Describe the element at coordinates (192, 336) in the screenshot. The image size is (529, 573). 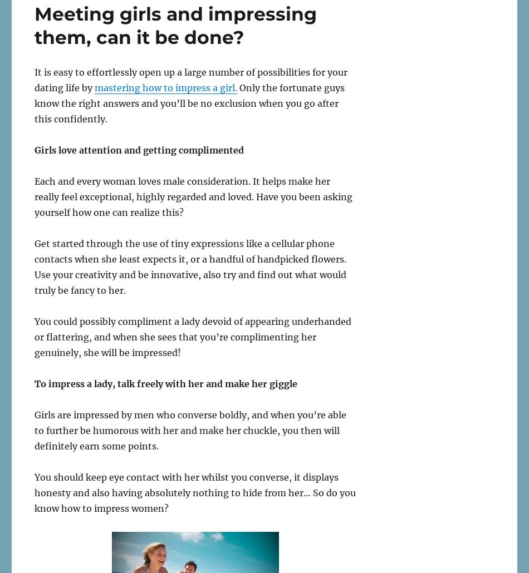
I see `'You could possibly compliment a lady devoid of appearing underhanded or flattering, and when she sees that you’re complimenting her genuinely, she will be impressed!'` at that location.